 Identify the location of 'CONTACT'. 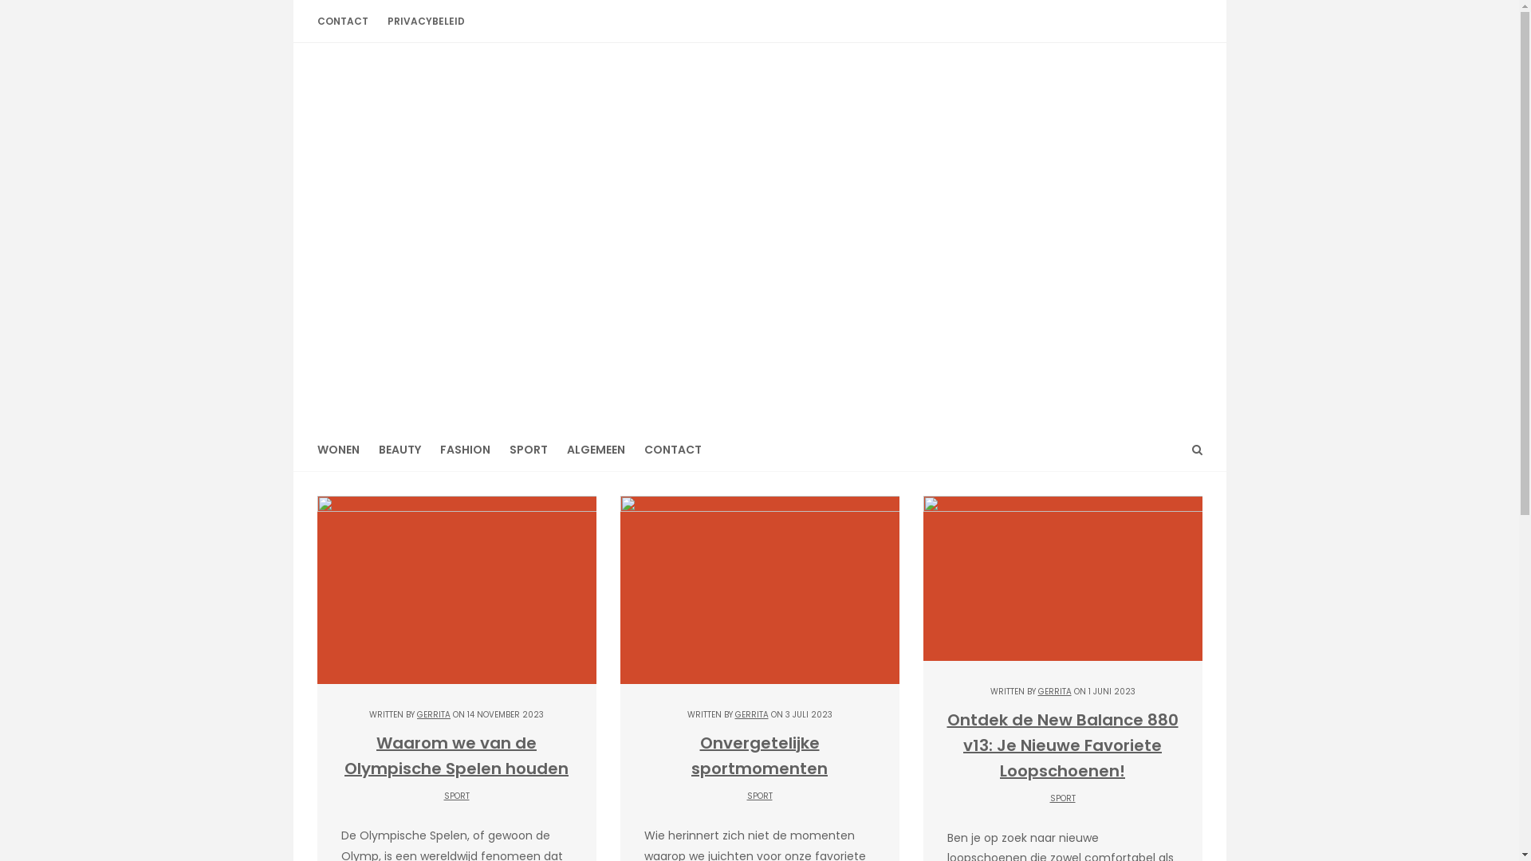
(347, 21).